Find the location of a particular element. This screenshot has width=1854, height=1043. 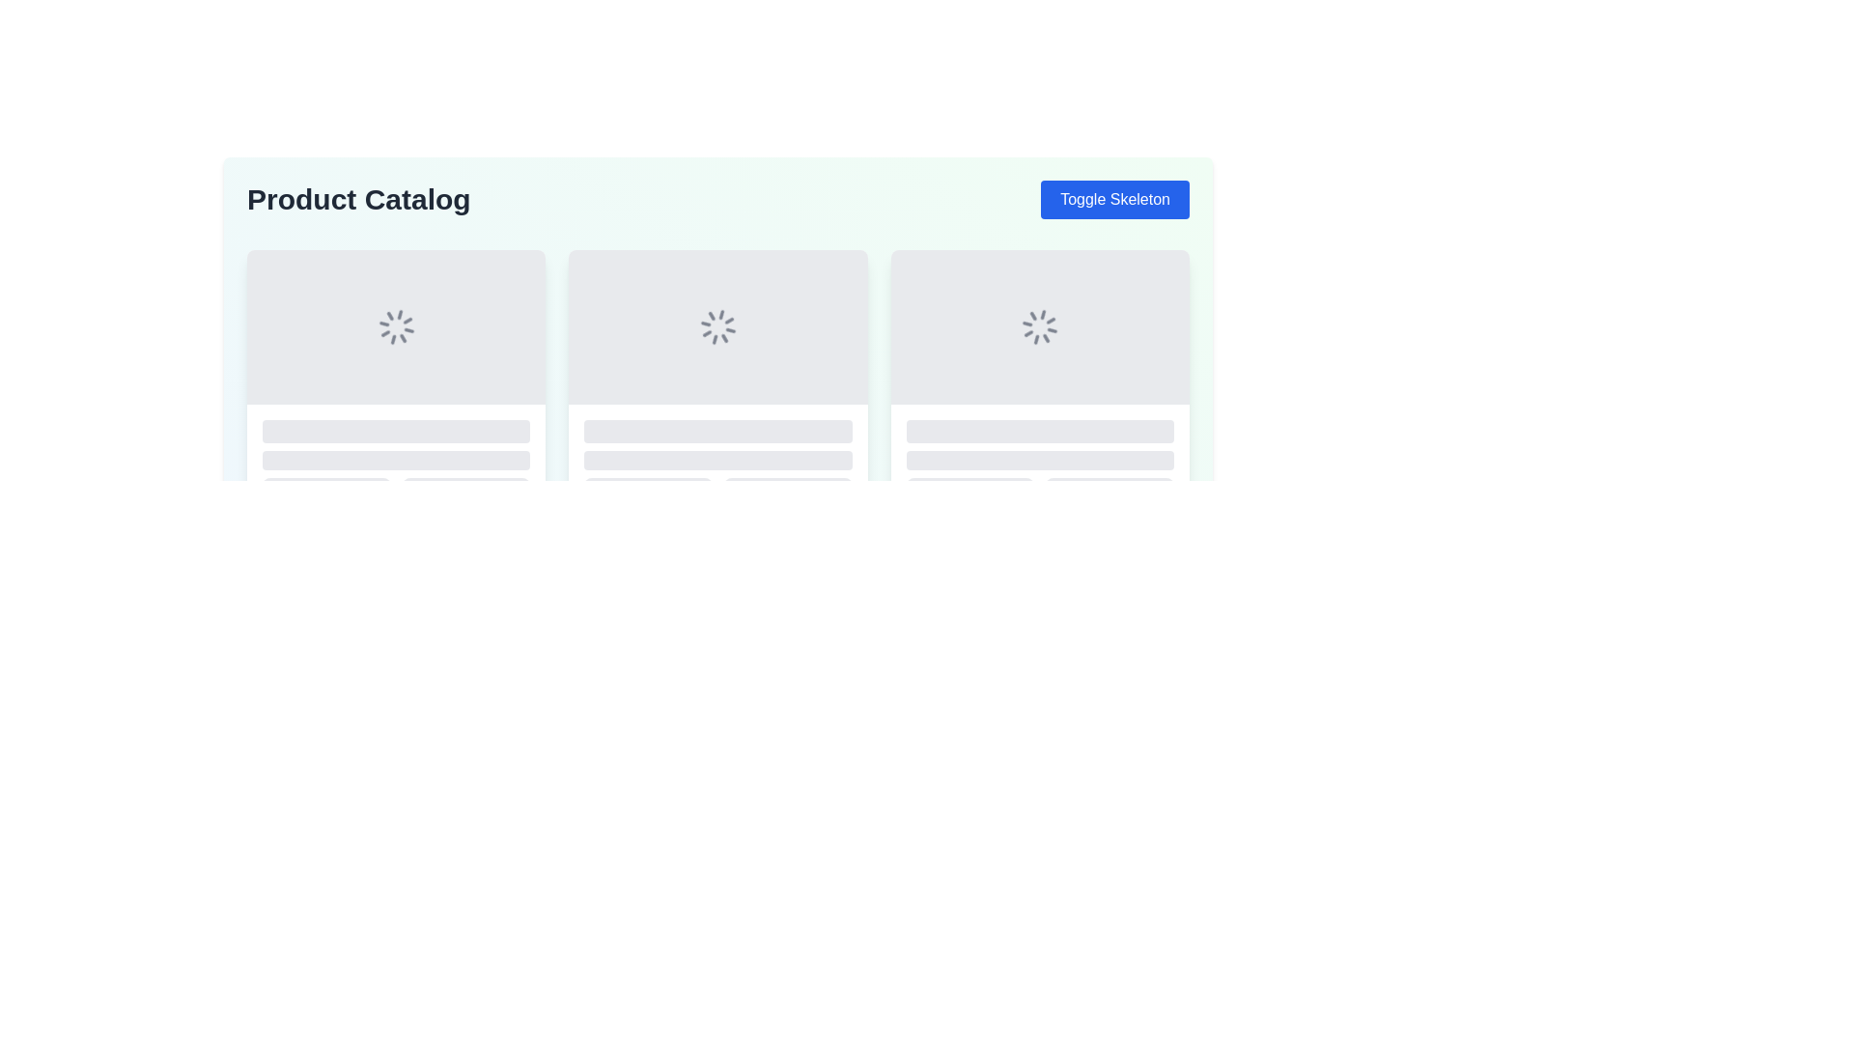

the loading animation displayed in the second position of the horizontally arranged list of loading indicators is located at coordinates (717, 326).